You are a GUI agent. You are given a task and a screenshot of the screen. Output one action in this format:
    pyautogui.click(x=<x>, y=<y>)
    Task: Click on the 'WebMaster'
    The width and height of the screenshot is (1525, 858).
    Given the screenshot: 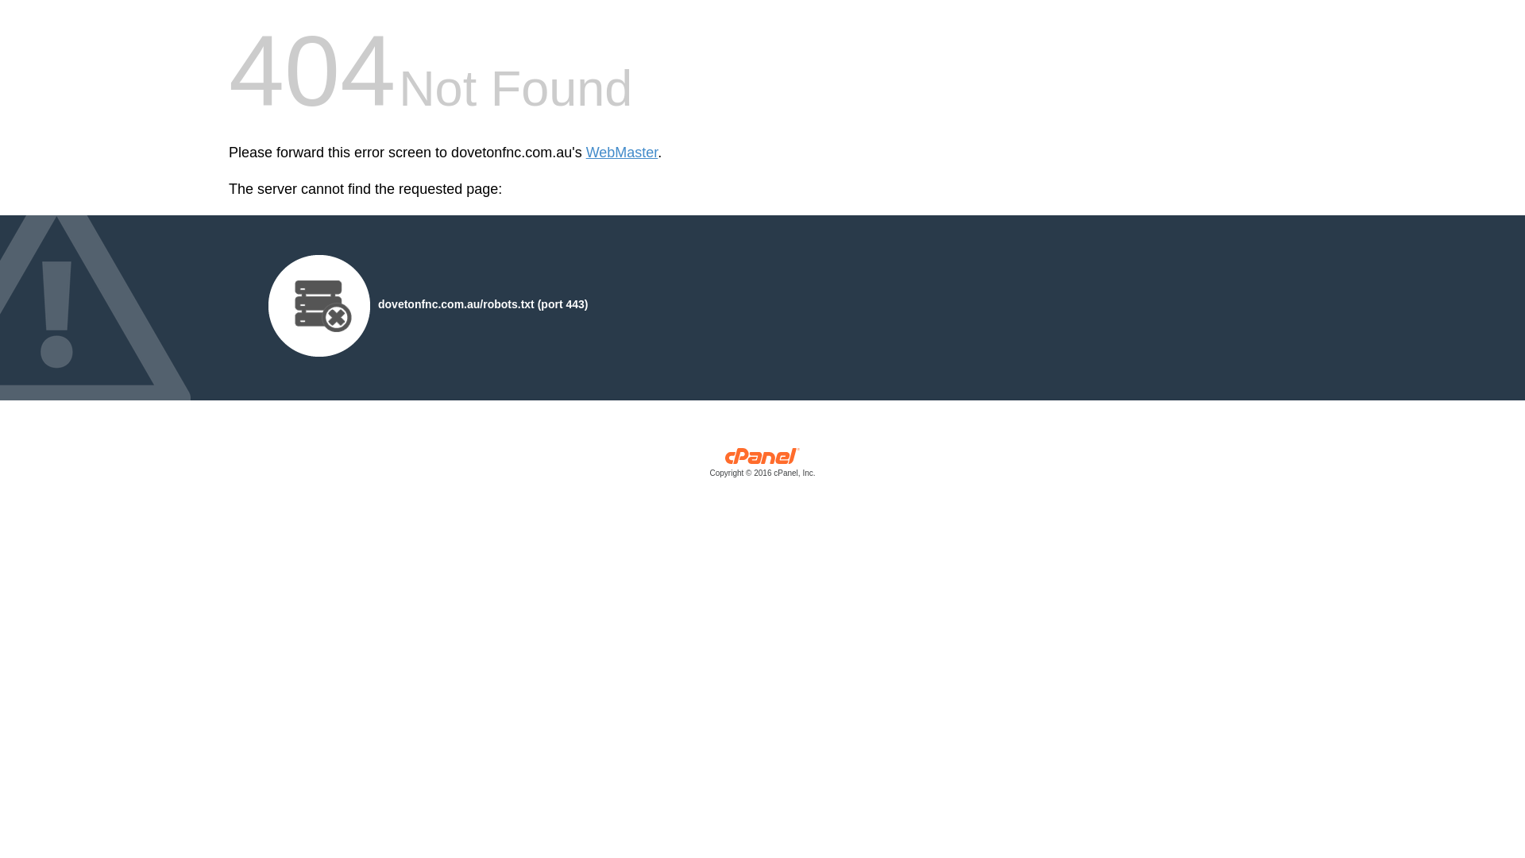 What is the action you would take?
    pyautogui.click(x=621, y=153)
    